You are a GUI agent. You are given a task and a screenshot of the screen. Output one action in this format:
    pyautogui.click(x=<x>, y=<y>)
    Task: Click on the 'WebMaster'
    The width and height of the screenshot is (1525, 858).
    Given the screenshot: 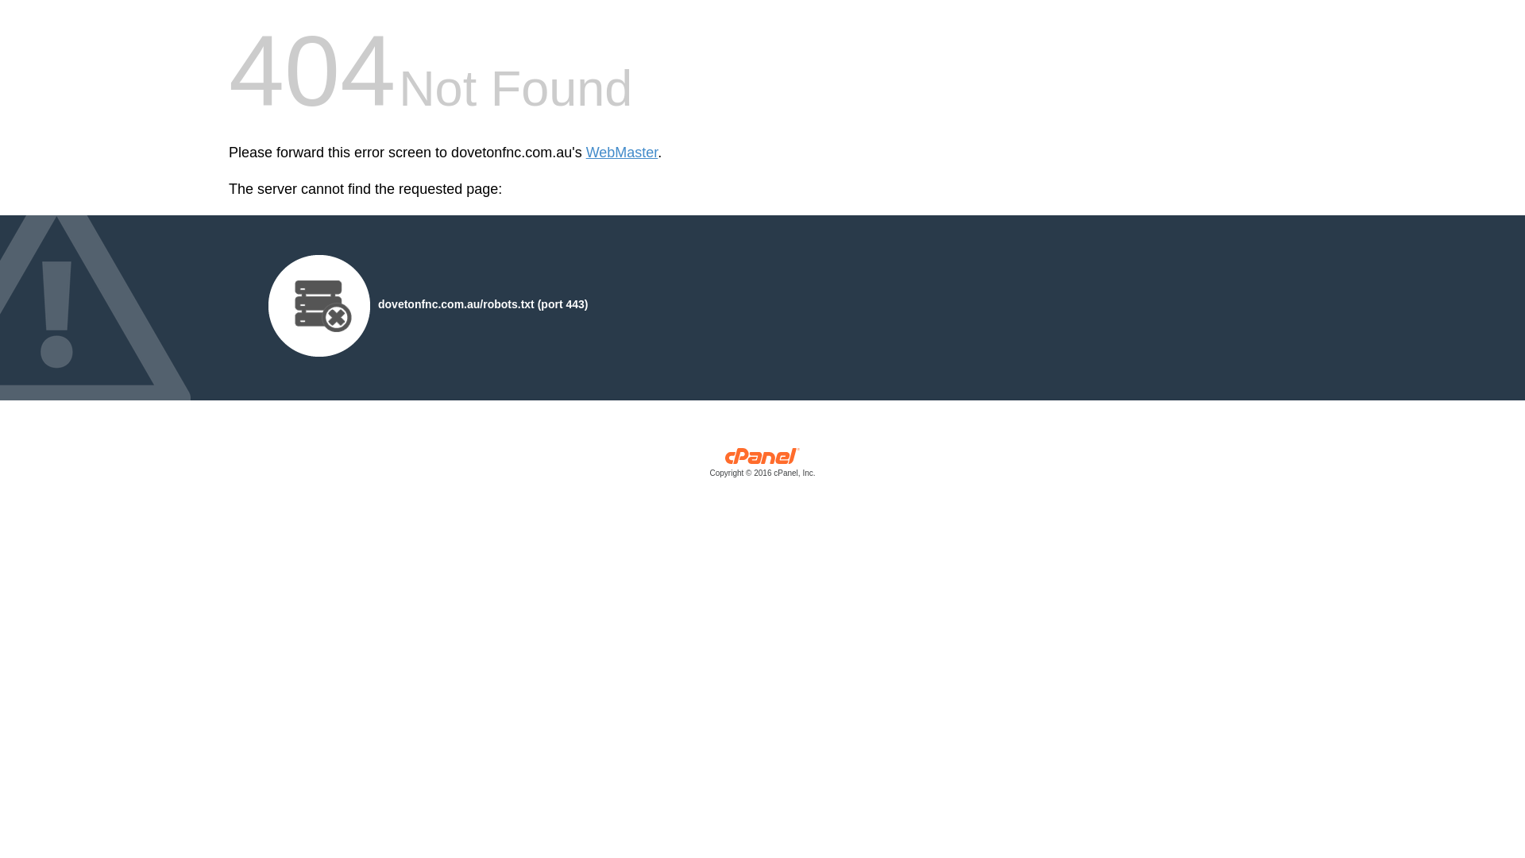 What is the action you would take?
    pyautogui.click(x=621, y=153)
    